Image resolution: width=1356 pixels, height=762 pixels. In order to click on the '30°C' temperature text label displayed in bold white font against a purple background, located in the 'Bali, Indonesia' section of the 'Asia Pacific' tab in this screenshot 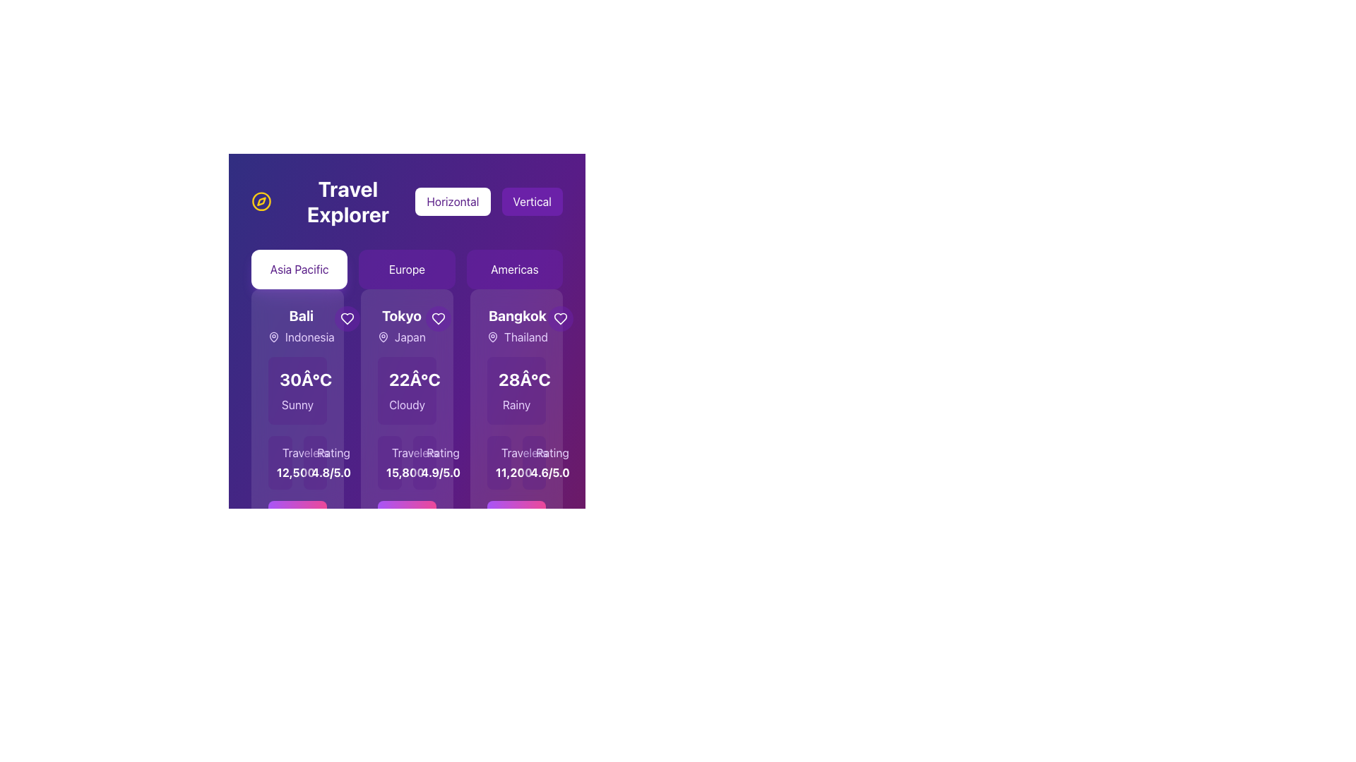, I will do `click(305, 378)`.